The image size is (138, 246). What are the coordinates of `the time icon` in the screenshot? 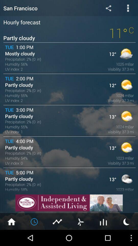 It's located at (34, 237).